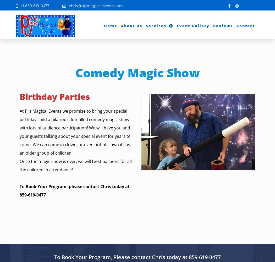  Describe the element at coordinates (110, 25) in the screenshot. I see `'Home'` at that location.